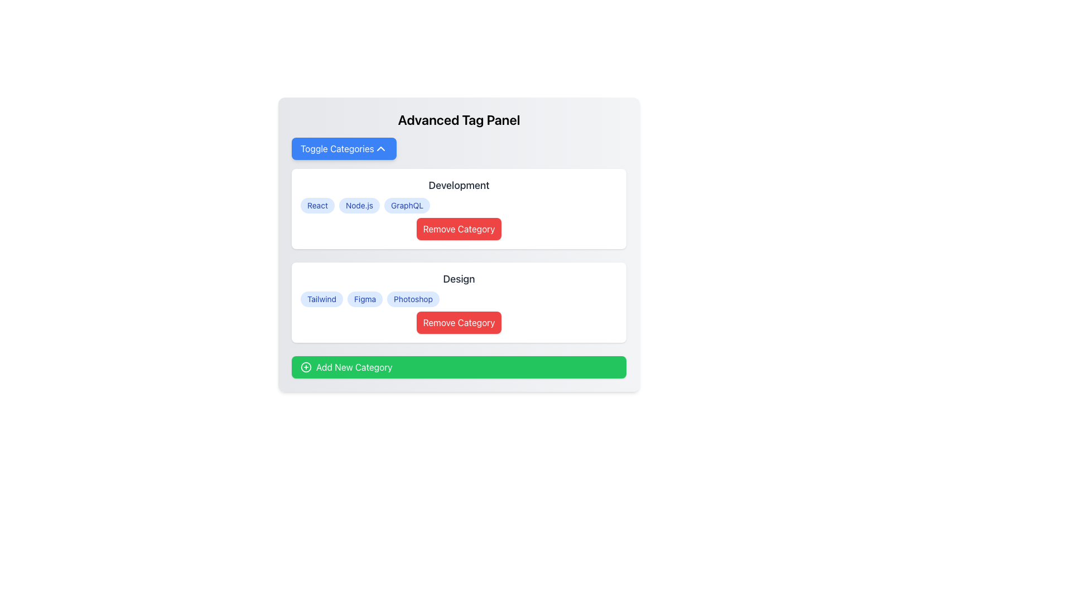 This screenshot has width=1071, height=602. I want to click on the Vector graphic icon inside the green button labeled 'Add New Category' located at the bottom left side of the interface, so click(306, 367).